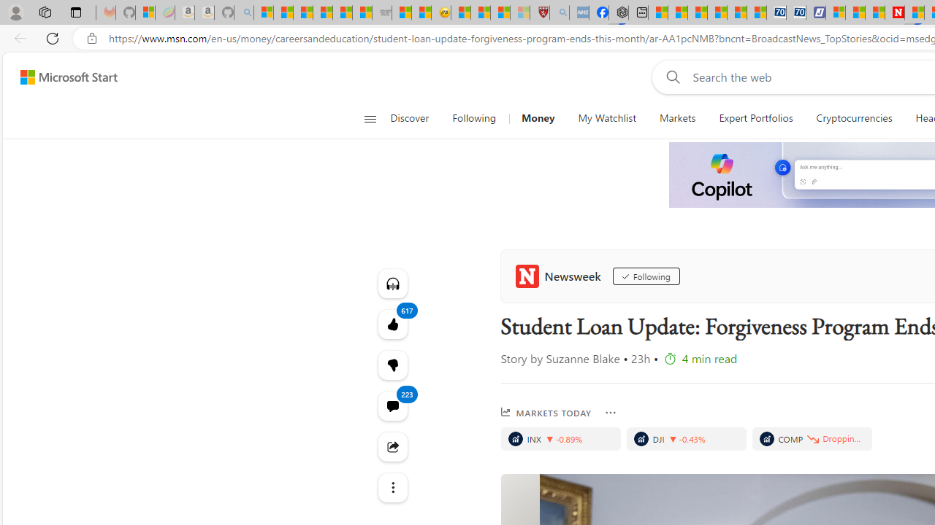 The height and width of the screenshot is (525, 935). Describe the element at coordinates (893, 12) in the screenshot. I see `'Newsweek - News, Analysis, Politics, Business, Technology'` at that location.